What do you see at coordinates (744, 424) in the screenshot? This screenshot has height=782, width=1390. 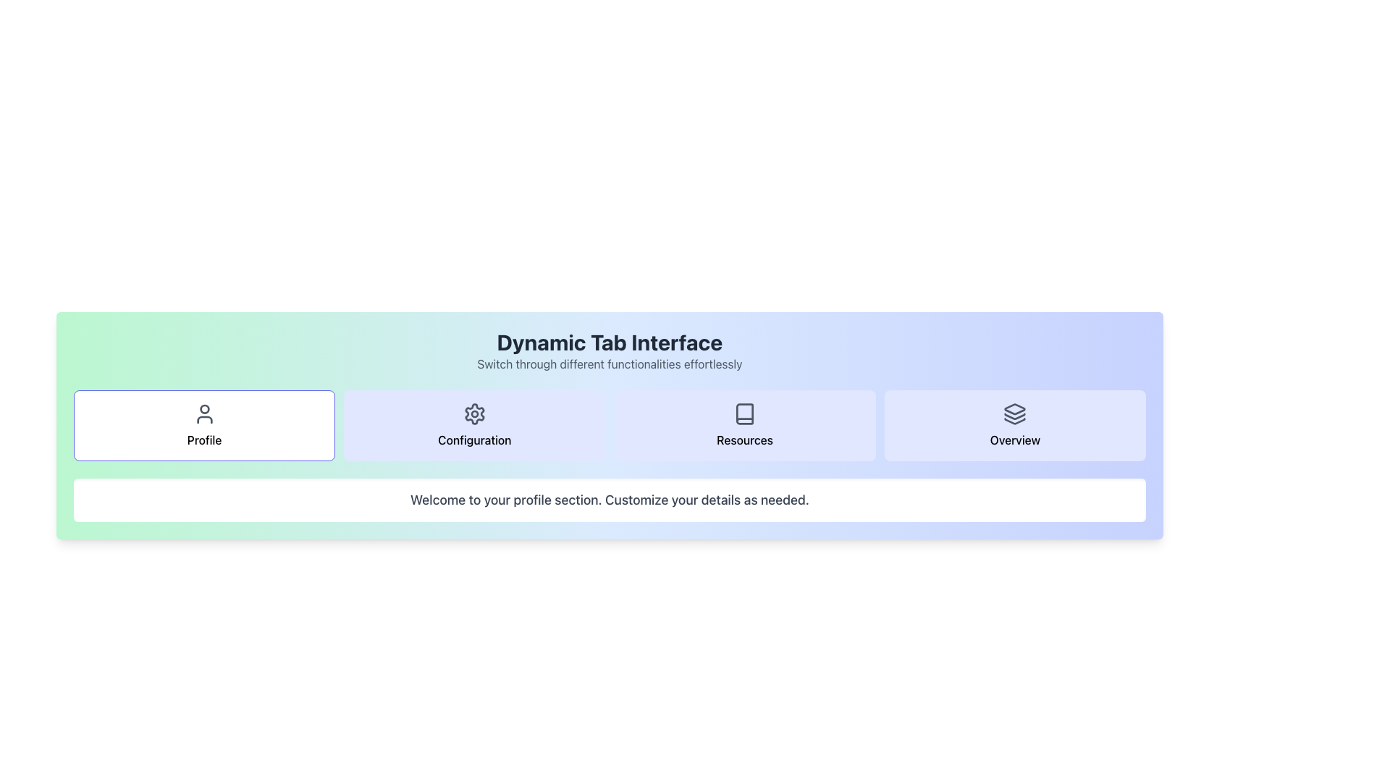 I see `the 'Resources' navigation button, which is the third button in a horizontal grid of four buttons` at bounding box center [744, 424].